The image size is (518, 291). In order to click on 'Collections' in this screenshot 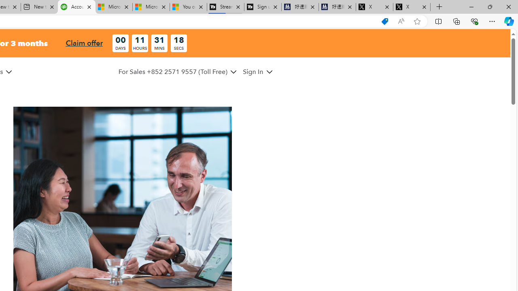, I will do `click(456, 21)`.